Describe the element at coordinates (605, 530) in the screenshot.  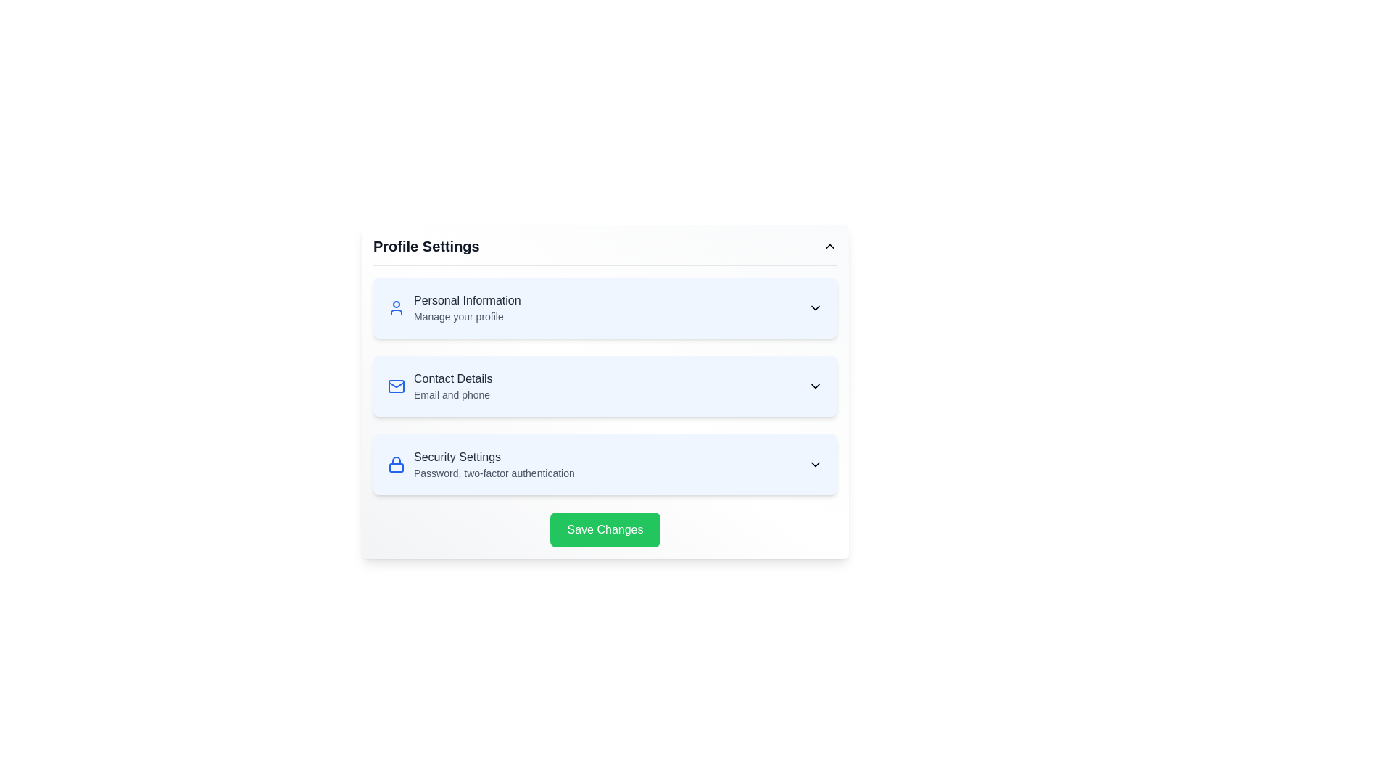
I see `the 'Save Changes' button with a green background and white text` at that location.